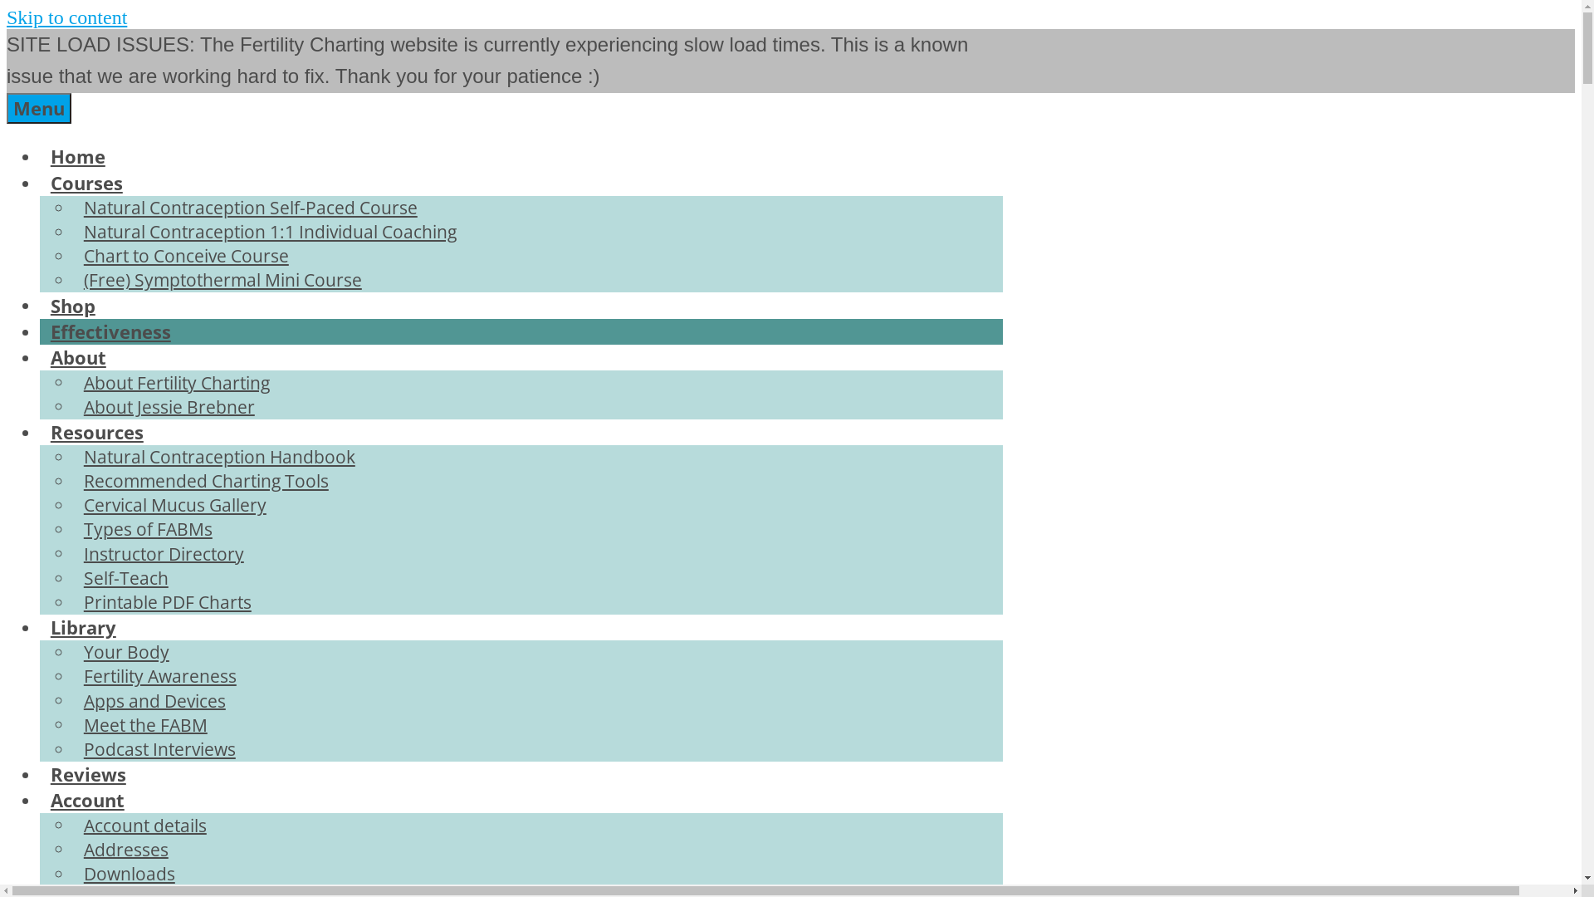  Describe the element at coordinates (71, 306) in the screenshot. I see `'Shop'` at that location.